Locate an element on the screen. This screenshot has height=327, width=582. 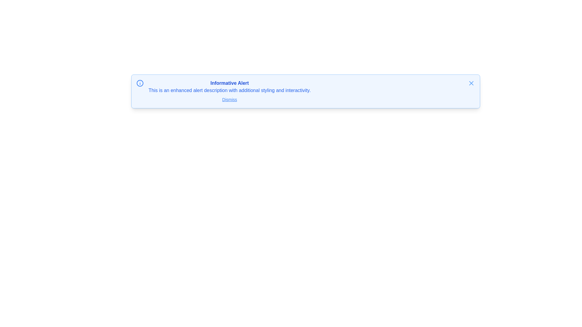
the close button located at the right side of the blue alert box is located at coordinates (471, 83).